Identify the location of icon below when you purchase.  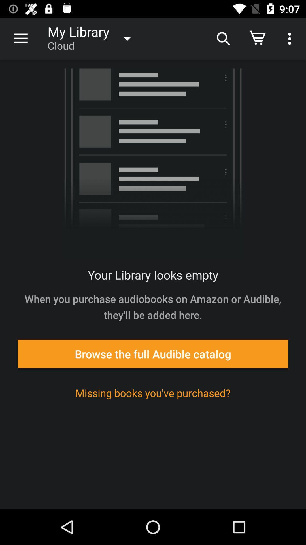
(153, 353).